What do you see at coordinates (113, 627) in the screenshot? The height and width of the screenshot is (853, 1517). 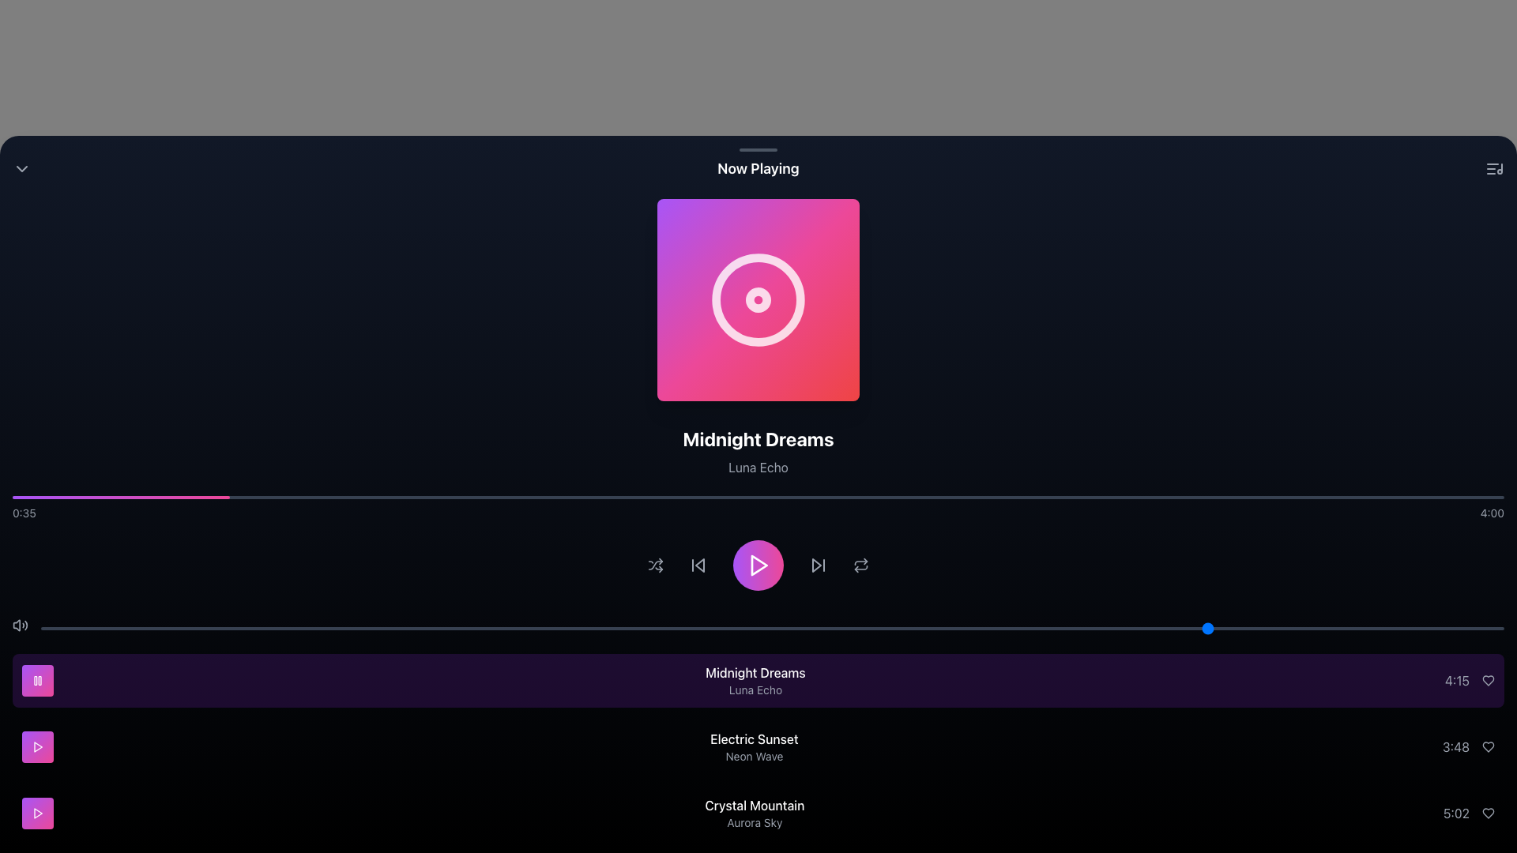 I see `the slider value` at bounding box center [113, 627].